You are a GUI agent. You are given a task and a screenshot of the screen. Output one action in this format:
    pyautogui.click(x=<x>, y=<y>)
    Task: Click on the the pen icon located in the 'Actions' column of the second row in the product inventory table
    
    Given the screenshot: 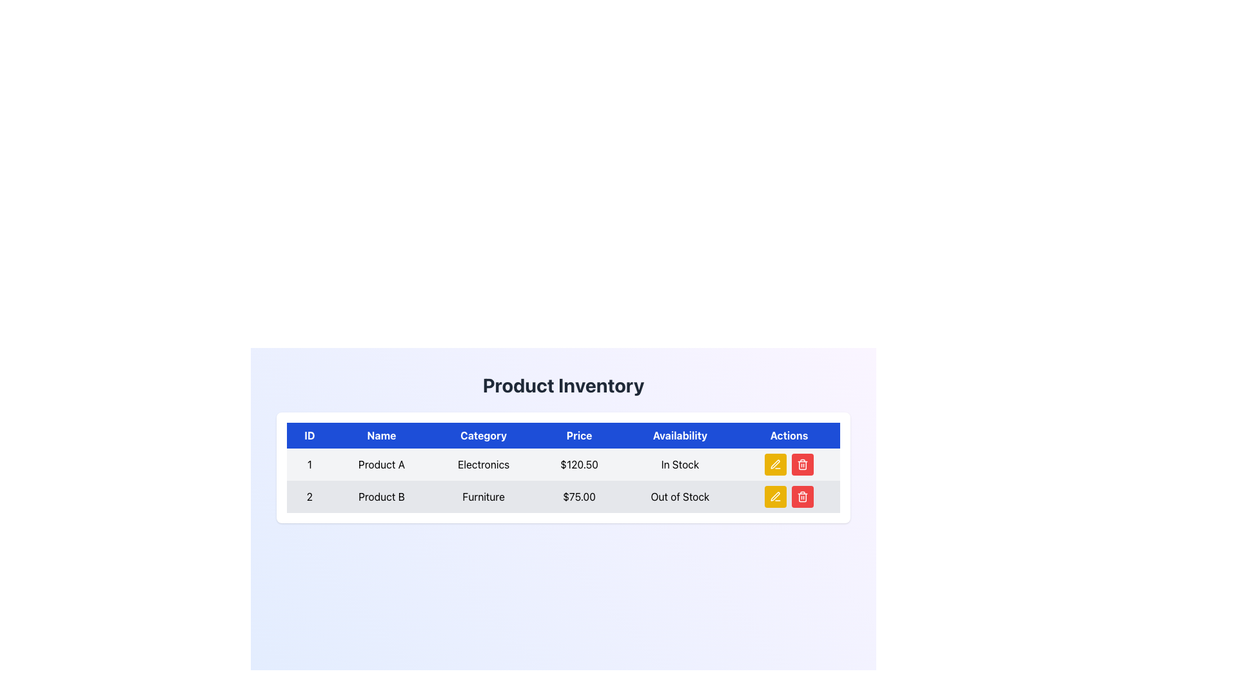 What is the action you would take?
    pyautogui.click(x=774, y=496)
    